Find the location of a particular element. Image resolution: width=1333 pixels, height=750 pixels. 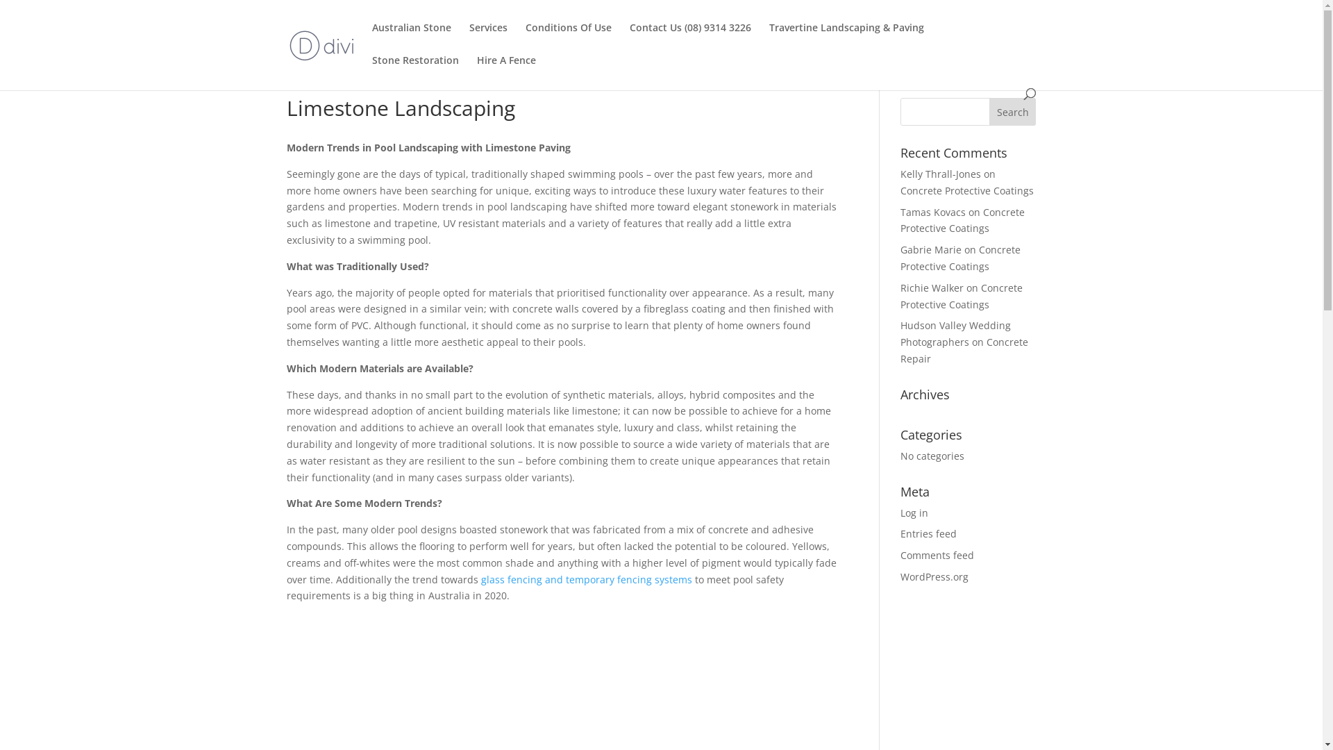

'Hire A Fence' is located at coordinates (505, 72).